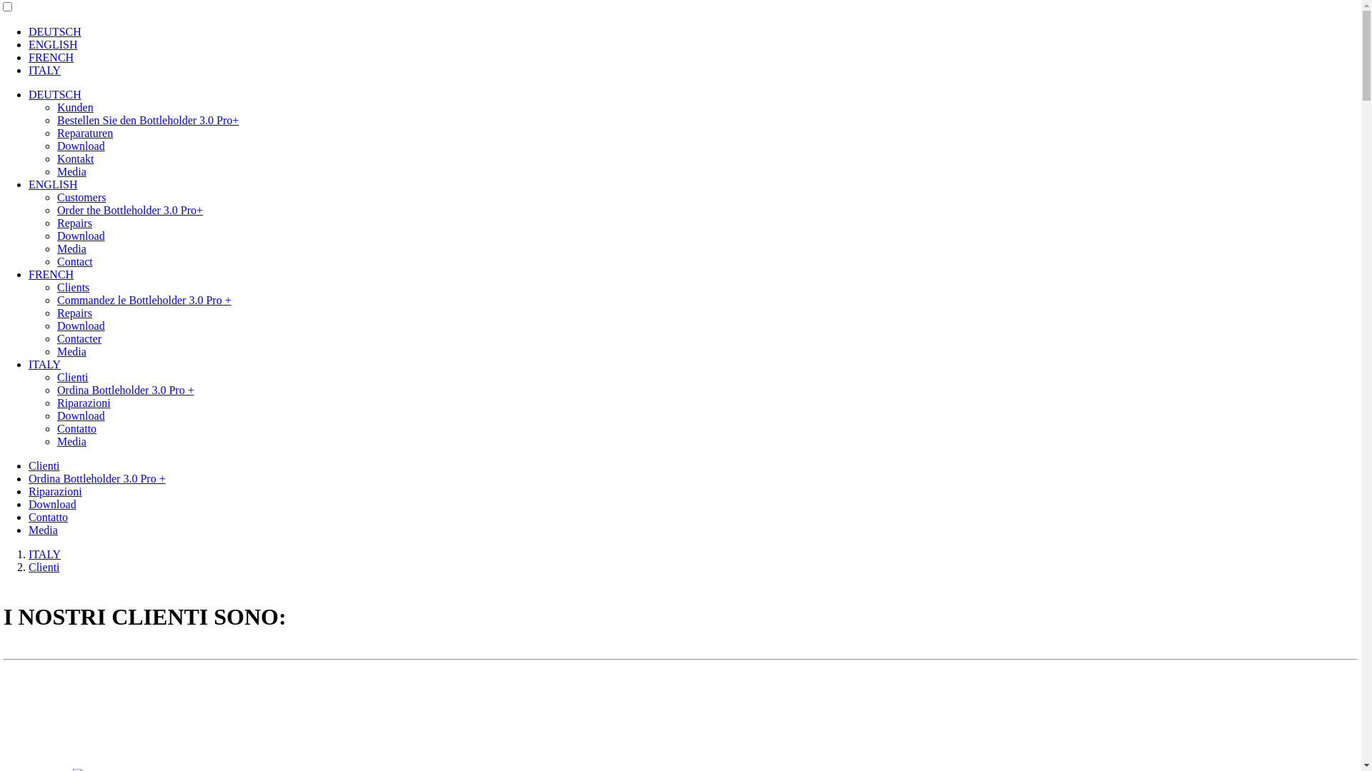 The image size is (1372, 771). What do you see at coordinates (74, 261) in the screenshot?
I see `'Contact'` at bounding box center [74, 261].